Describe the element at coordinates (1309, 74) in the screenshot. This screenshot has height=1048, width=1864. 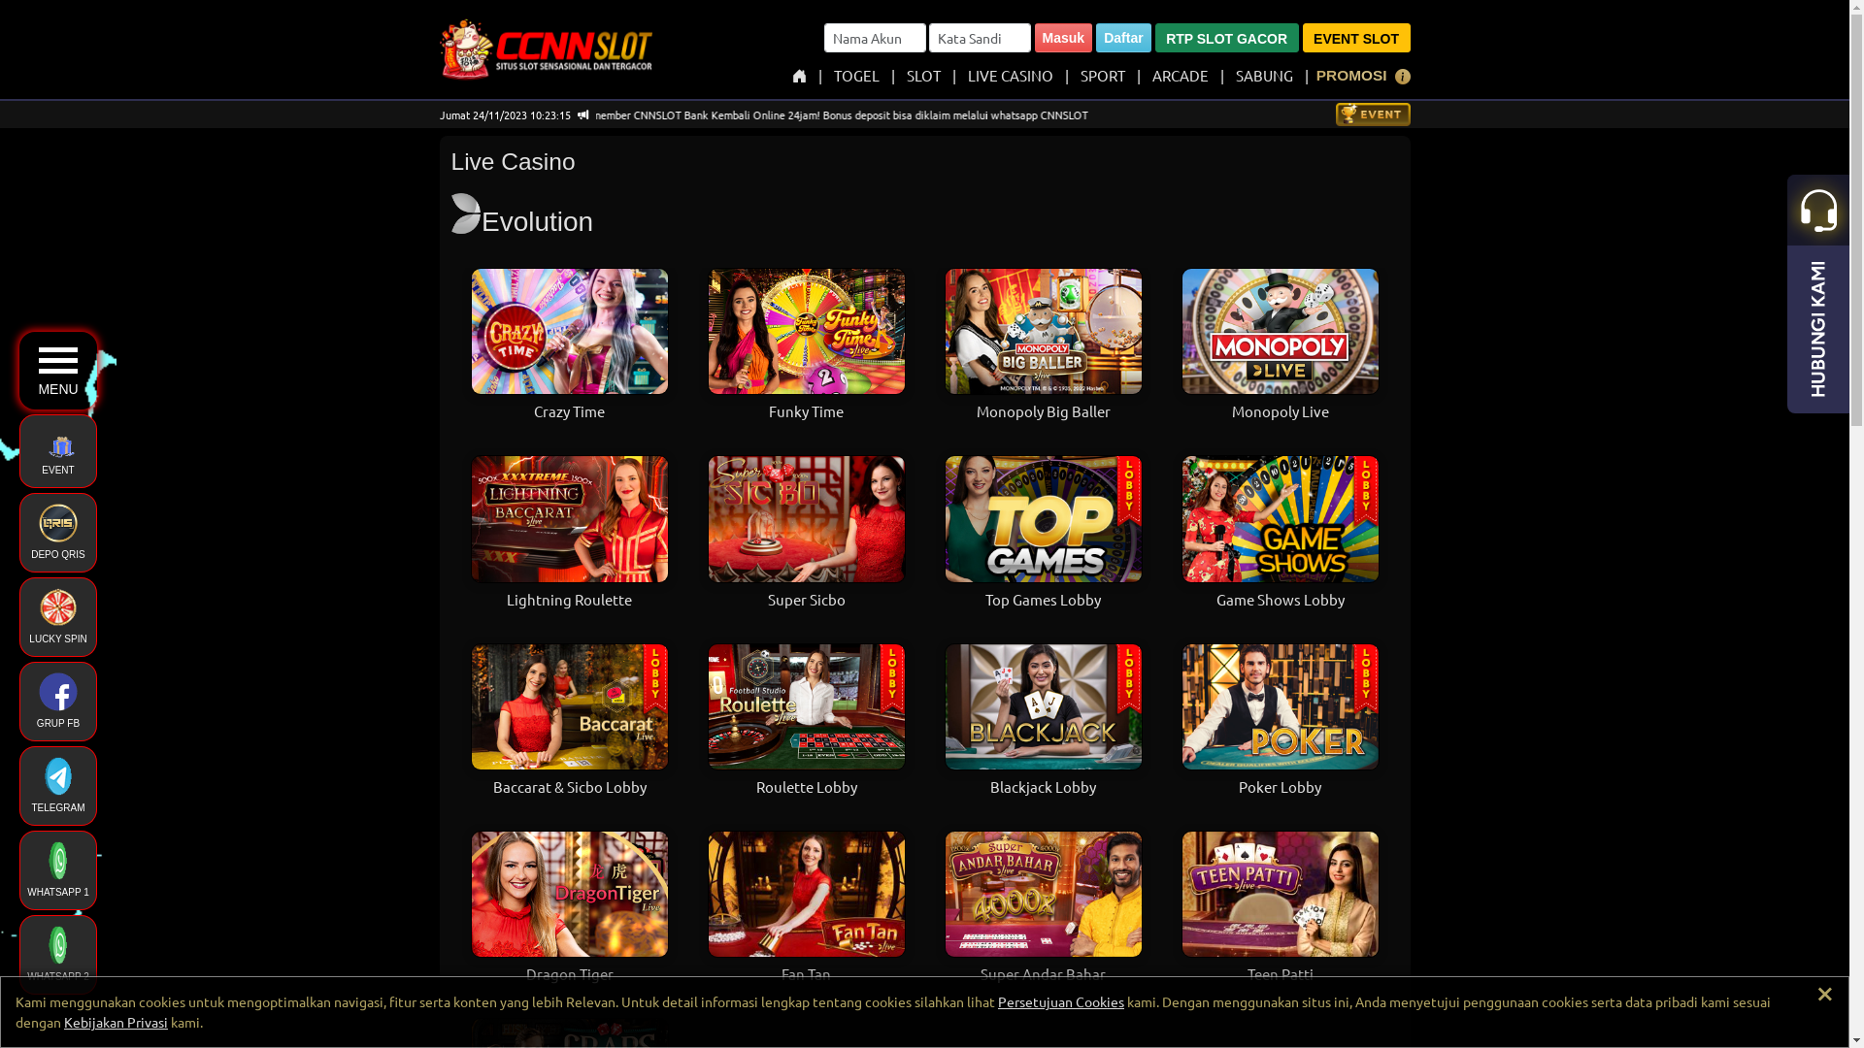
I see `'PROMOSI'` at that location.